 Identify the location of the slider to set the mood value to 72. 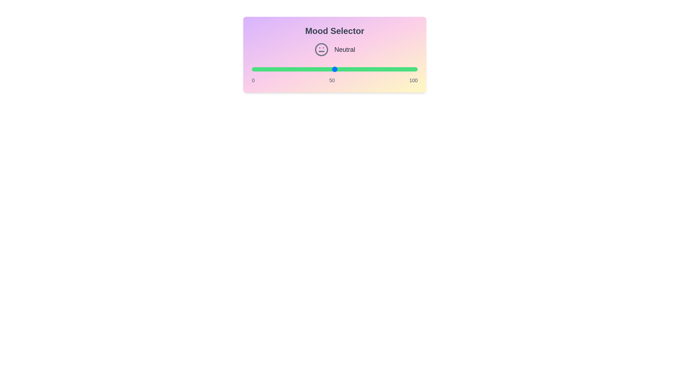
(371, 69).